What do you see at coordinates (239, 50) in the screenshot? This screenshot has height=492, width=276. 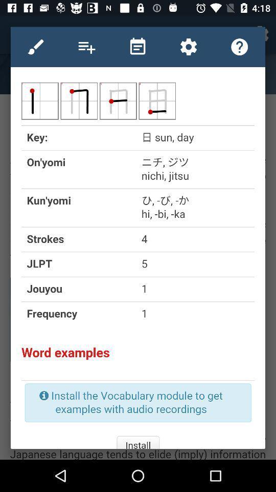 I see `the help icon` at bounding box center [239, 50].